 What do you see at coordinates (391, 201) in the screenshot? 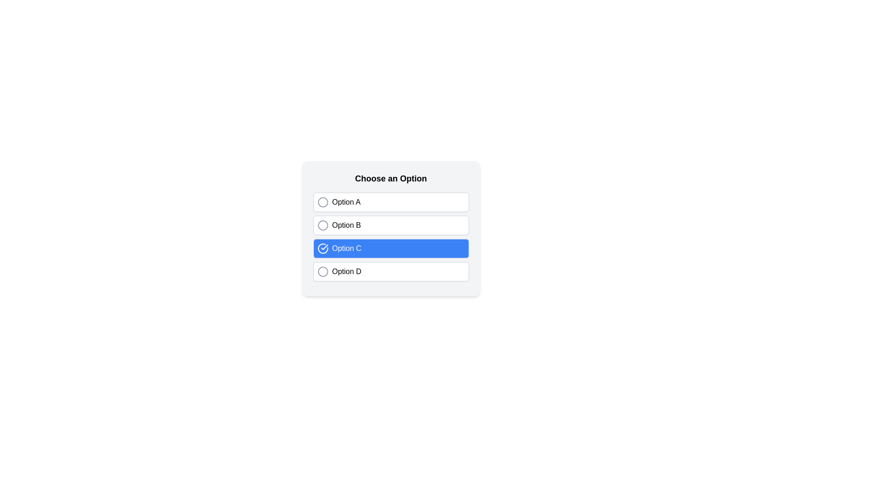
I see `the 'Option A' radio button` at bounding box center [391, 201].